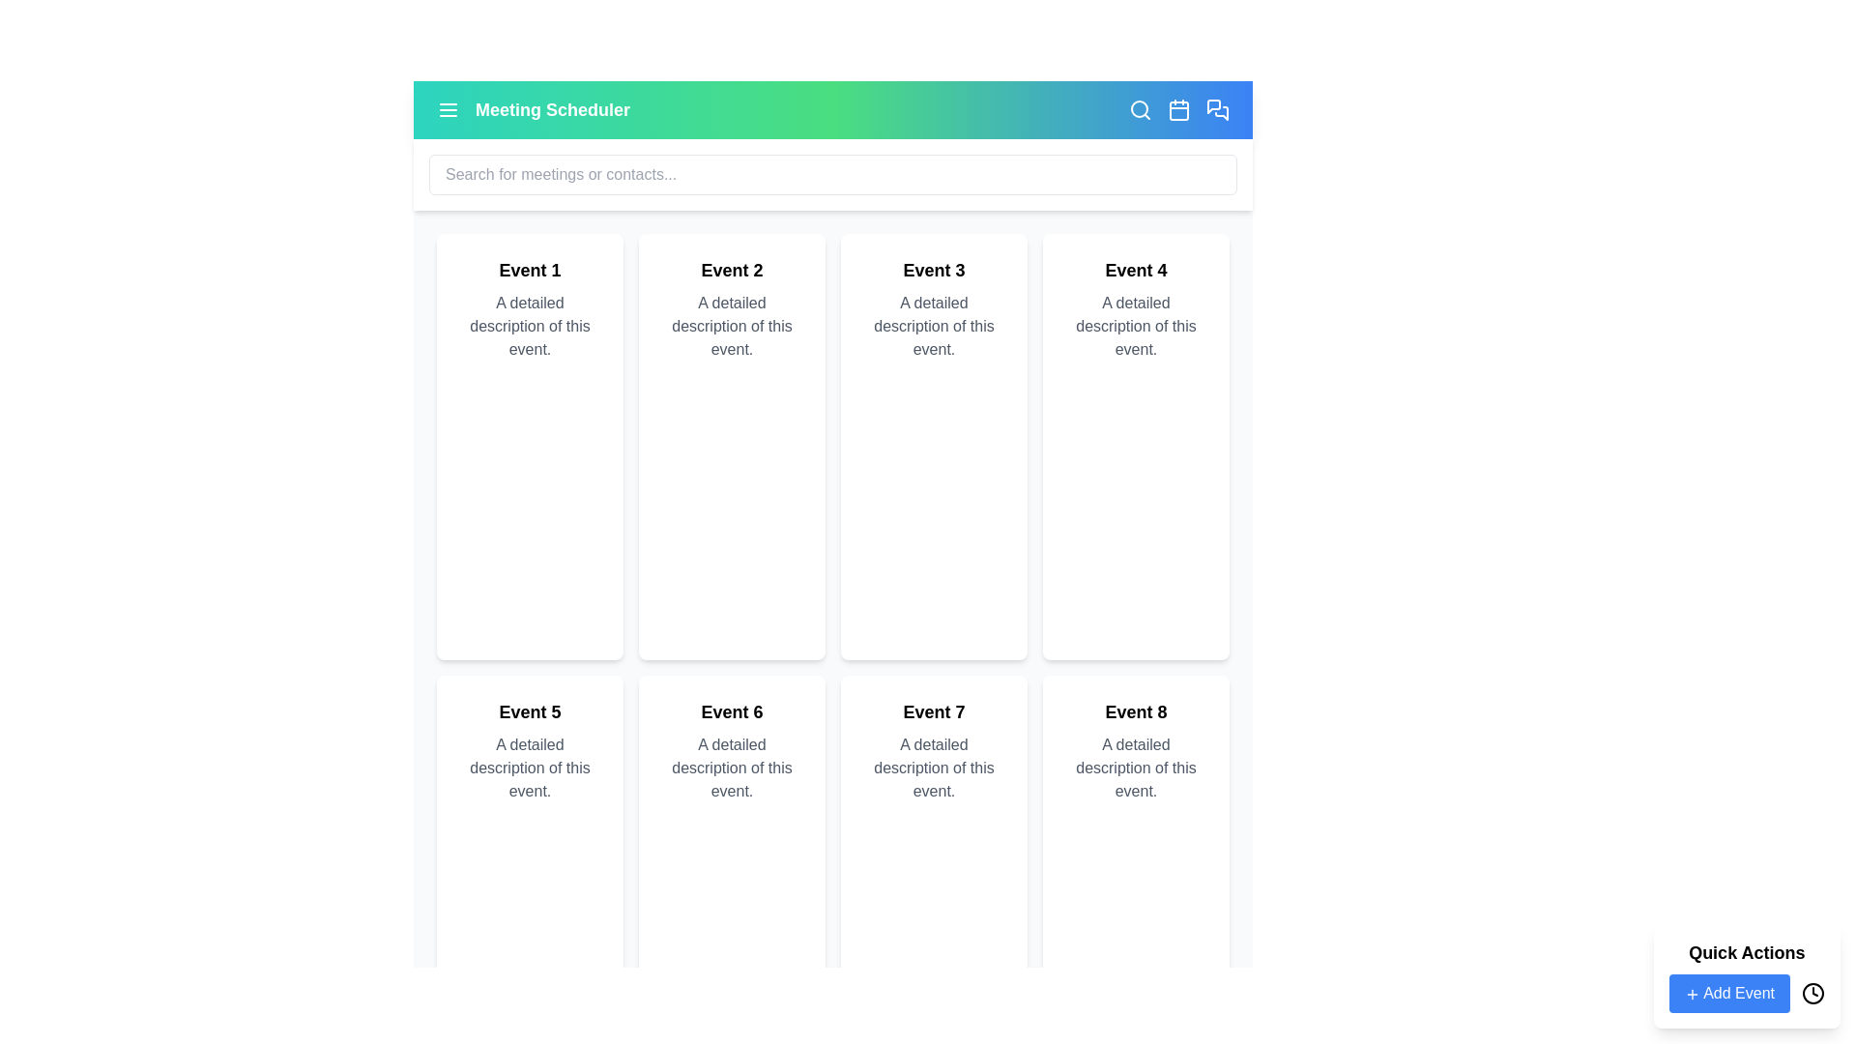  What do you see at coordinates (1213, 106) in the screenshot?
I see `the Message/Chat Bubble icon located in the top-right navigation area` at bounding box center [1213, 106].